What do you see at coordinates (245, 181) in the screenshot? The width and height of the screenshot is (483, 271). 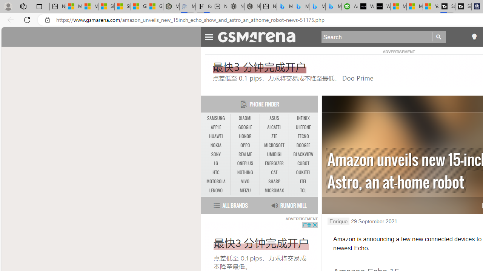 I see `'VIVO'` at bounding box center [245, 181].